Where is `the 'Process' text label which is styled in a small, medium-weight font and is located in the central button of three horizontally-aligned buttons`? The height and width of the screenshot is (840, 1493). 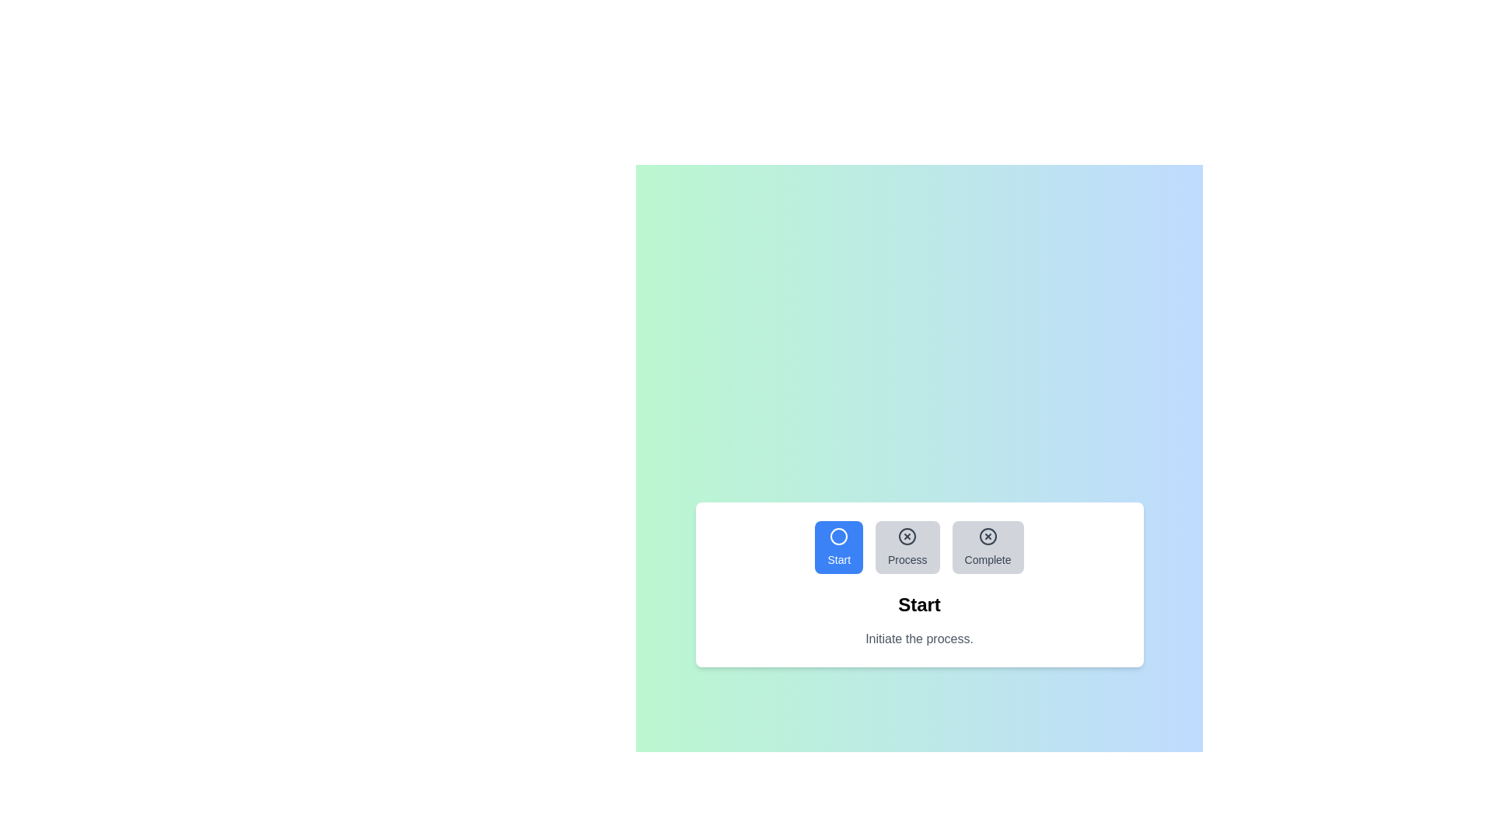 the 'Process' text label which is styled in a small, medium-weight font and is located in the central button of three horizontally-aligned buttons is located at coordinates (907, 560).